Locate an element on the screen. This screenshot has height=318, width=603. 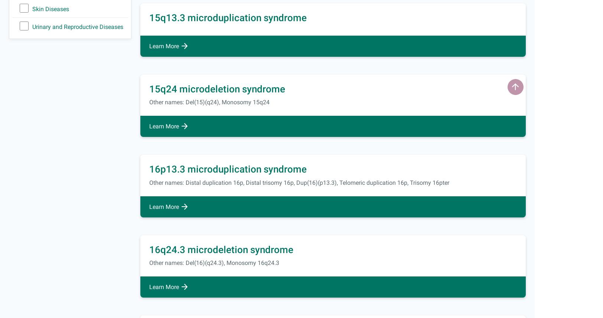
'Other names: Distal duplication 16p, Distal trisomy 16p, Dup(16)(p13.3), Telomeric duplication 16p, Trisomy 16pter' is located at coordinates (299, 182).